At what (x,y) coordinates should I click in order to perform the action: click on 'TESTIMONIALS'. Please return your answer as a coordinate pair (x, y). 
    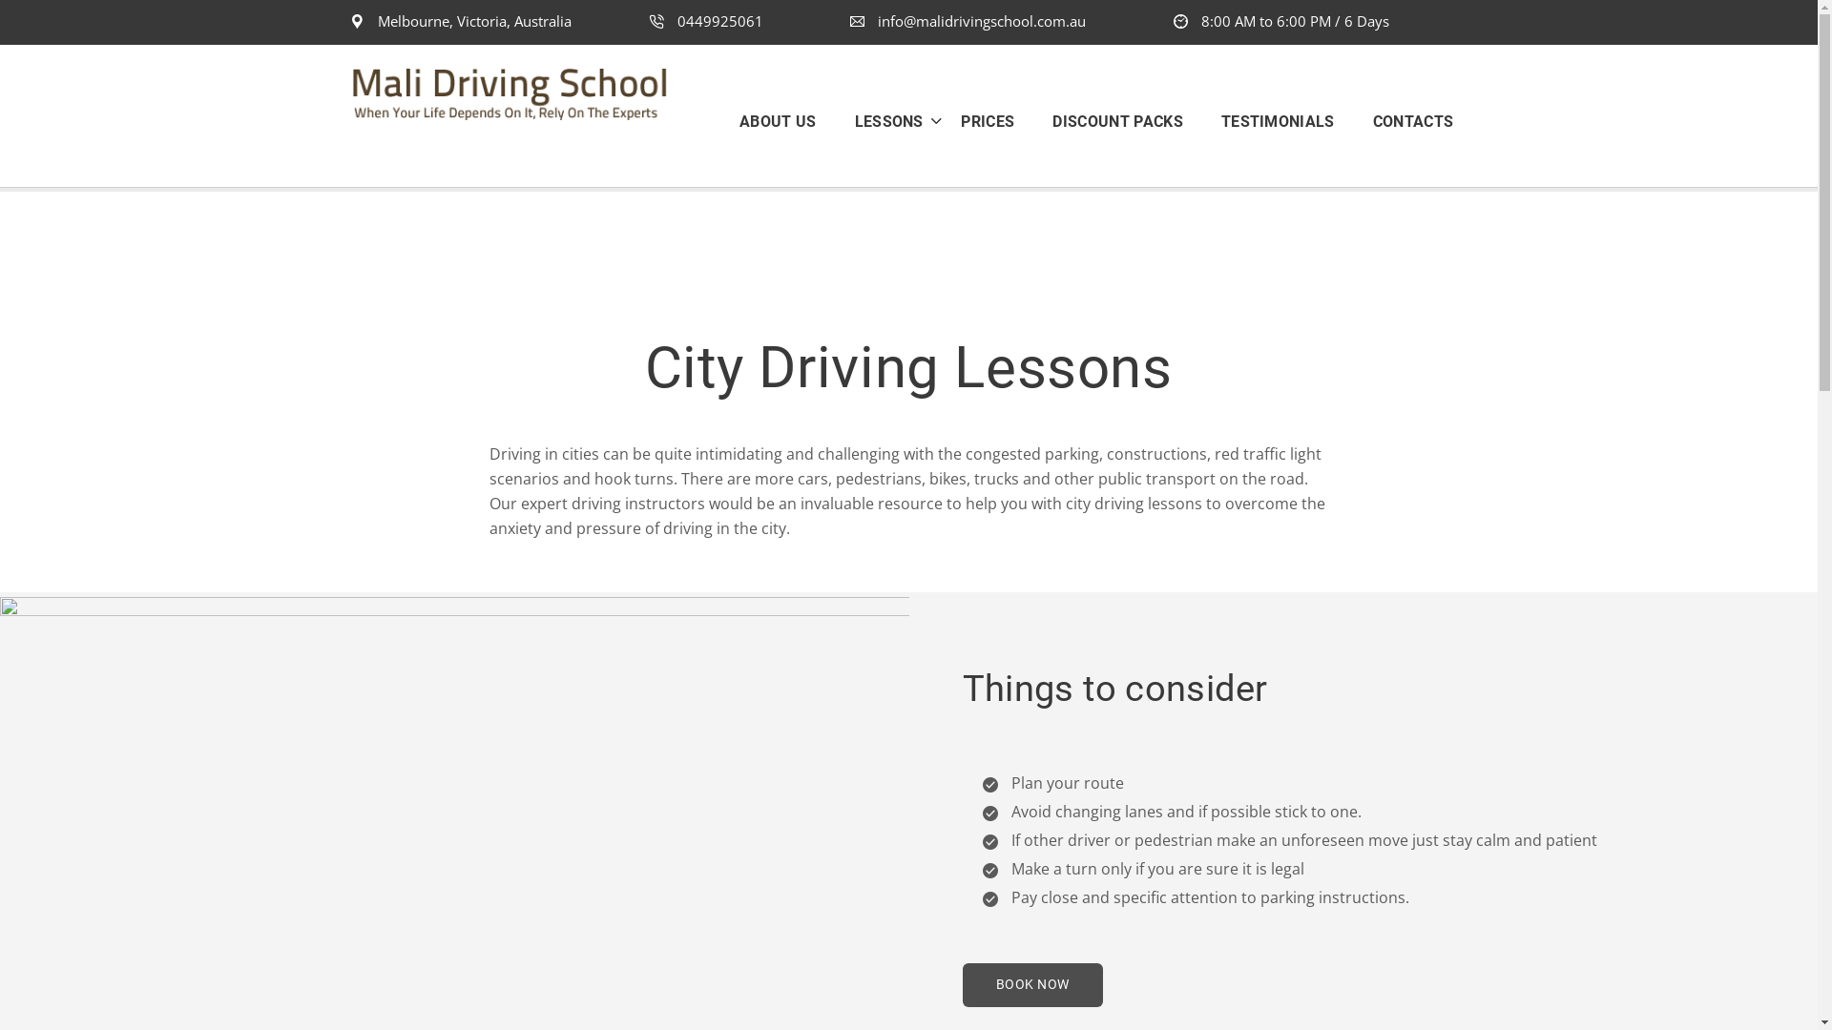
    Looking at the image, I should click on (1200, 121).